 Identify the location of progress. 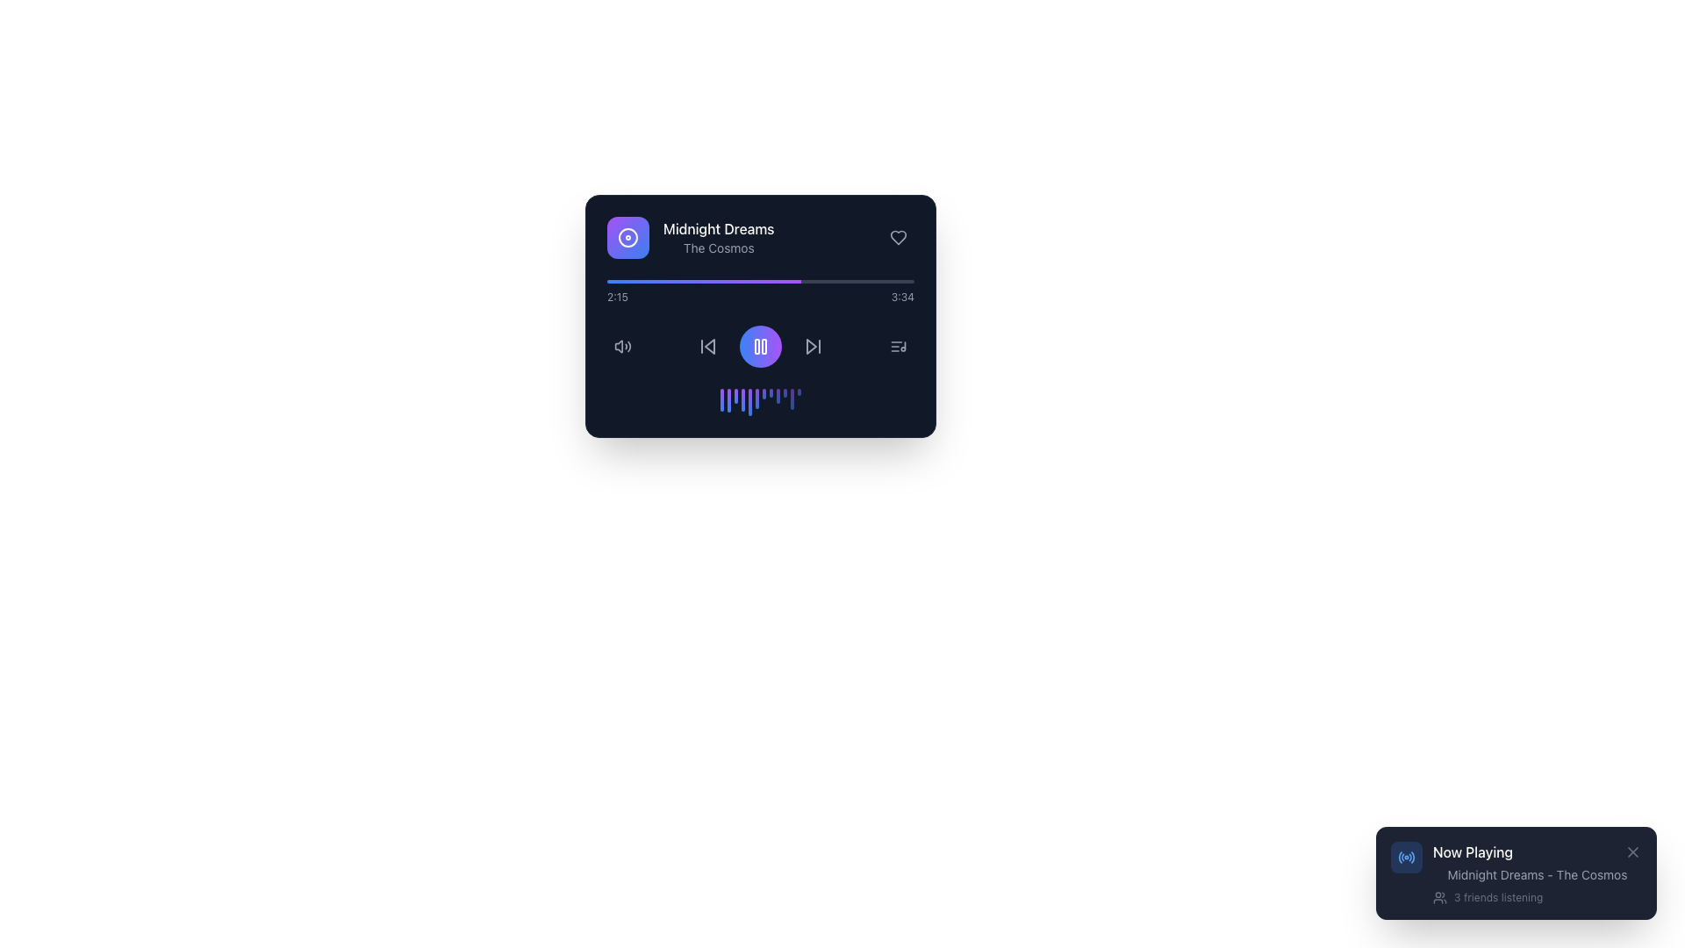
(742, 280).